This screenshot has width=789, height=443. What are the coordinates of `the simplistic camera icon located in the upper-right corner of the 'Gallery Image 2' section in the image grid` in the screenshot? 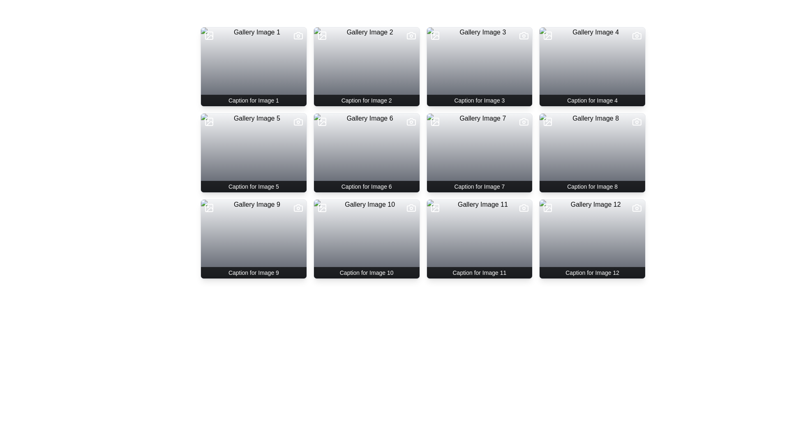 It's located at (411, 35).